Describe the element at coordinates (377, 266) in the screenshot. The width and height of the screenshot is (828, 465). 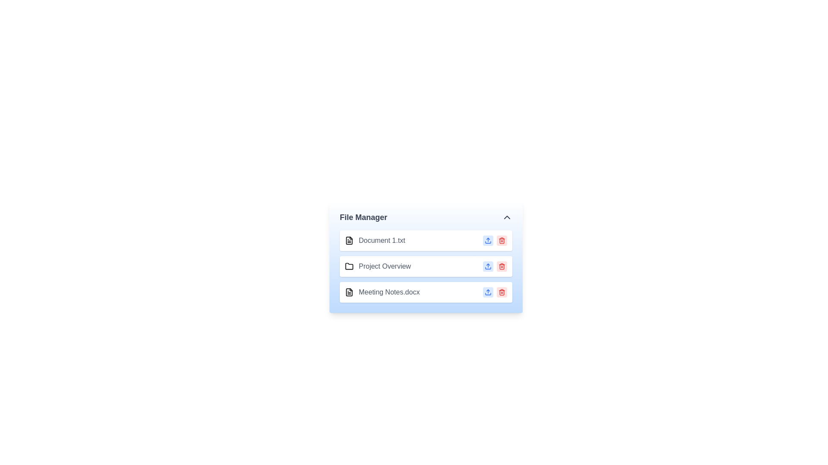
I see `the item Project Overview from the list` at that location.